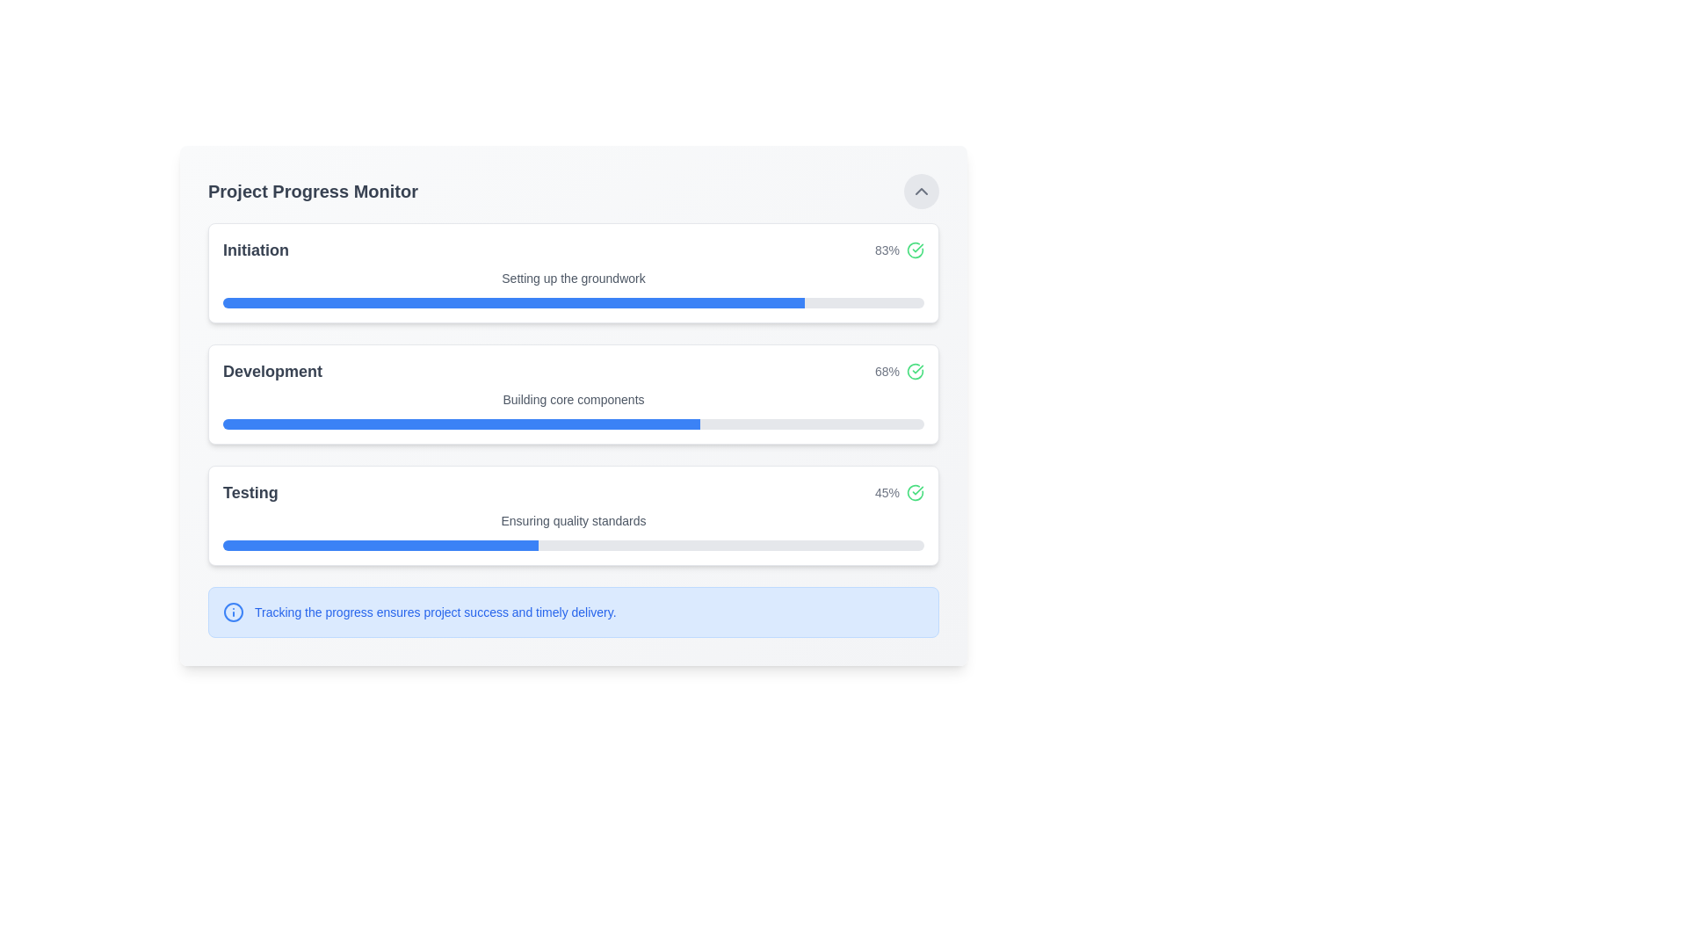 The width and height of the screenshot is (1687, 949). What do you see at coordinates (412, 424) in the screenshot?
I see `the progress percentage` at bounding box center [412, 424].